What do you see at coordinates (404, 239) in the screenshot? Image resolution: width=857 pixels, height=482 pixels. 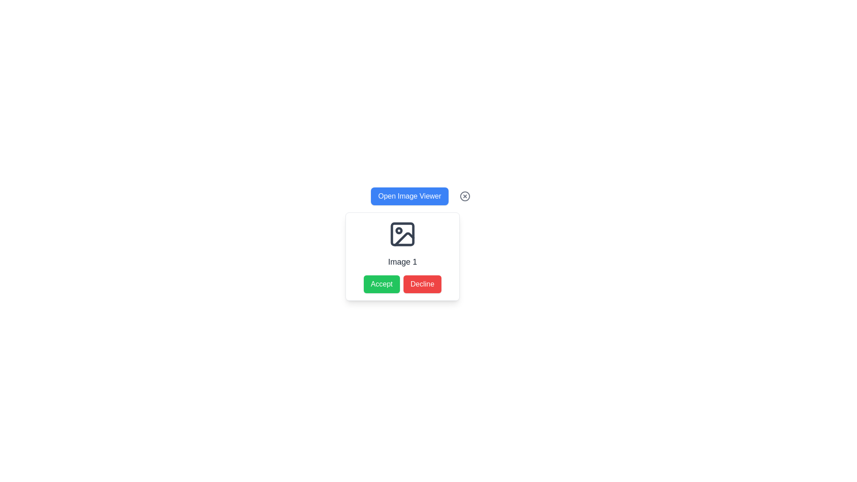 I see `the diagonal line icon that is part of an image placeholder within a card-like interface` at bounding box center [404, 239].